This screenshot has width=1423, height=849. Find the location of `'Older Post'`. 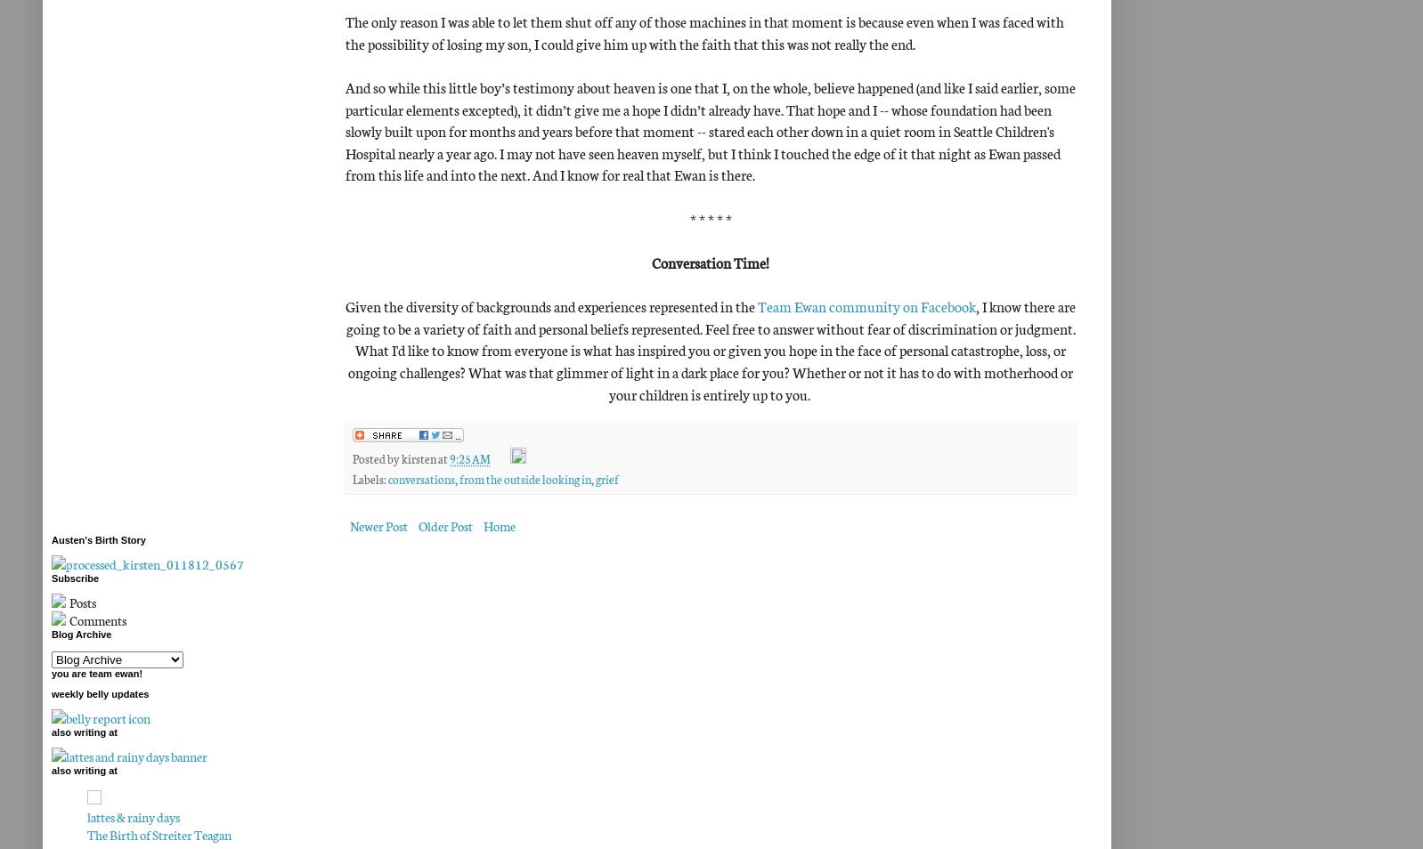

'Older Post' is located at coordinates (445, 525).